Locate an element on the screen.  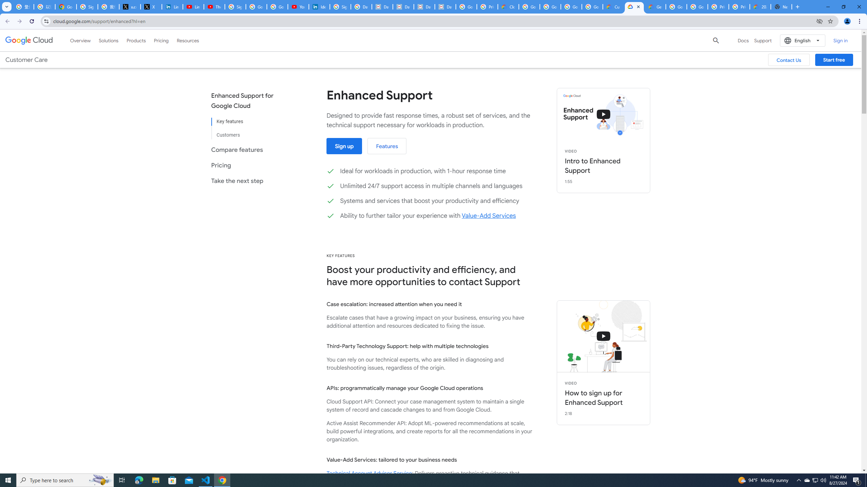
'Customers' is located at coordinates (247, 132).